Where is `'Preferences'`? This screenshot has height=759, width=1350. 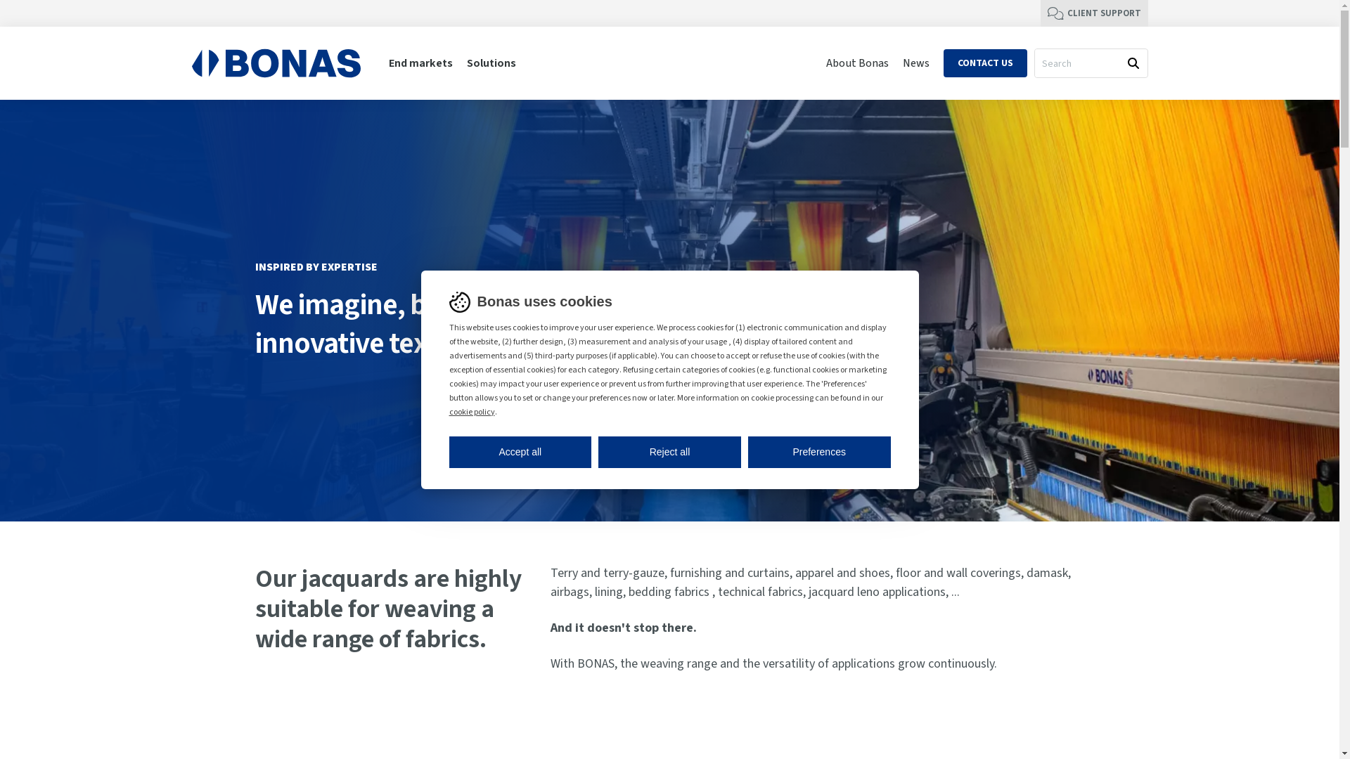
'Preferences' is located at coordinates (747, 451).